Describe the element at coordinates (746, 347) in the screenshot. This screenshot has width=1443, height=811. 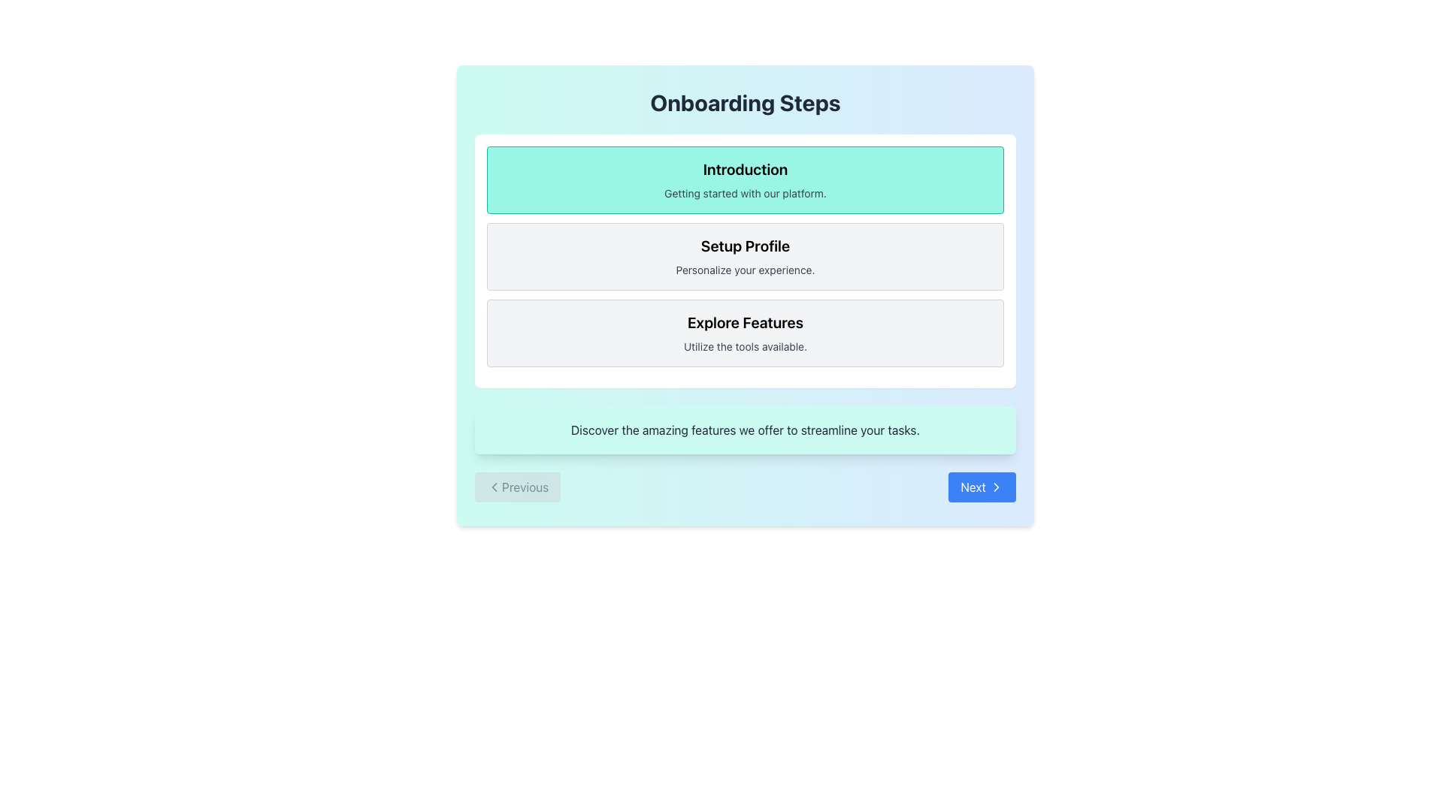
I see `the text label that reads 'Utilize the tools available.' which is styled in a small font size with gray coloring and is located underneath the 'Explore Features' heading` at that location.